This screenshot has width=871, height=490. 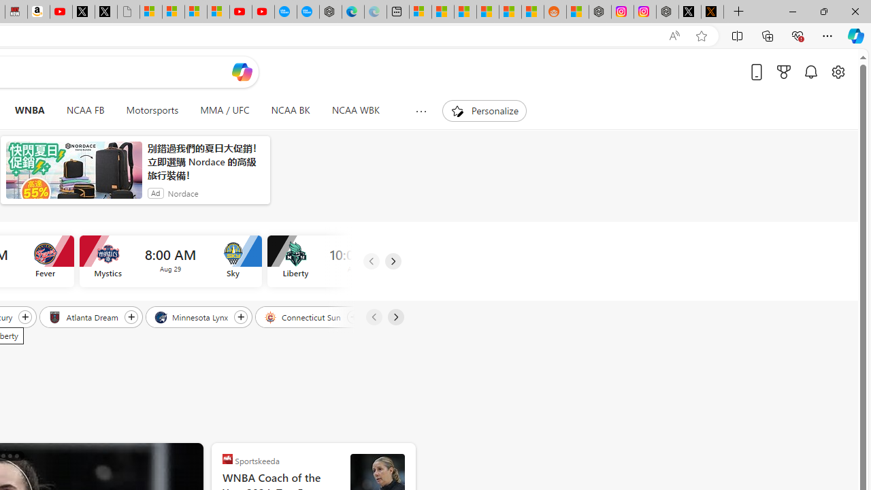 I want to click on 'Minnesota Lynx', so click(x=191, y=316).